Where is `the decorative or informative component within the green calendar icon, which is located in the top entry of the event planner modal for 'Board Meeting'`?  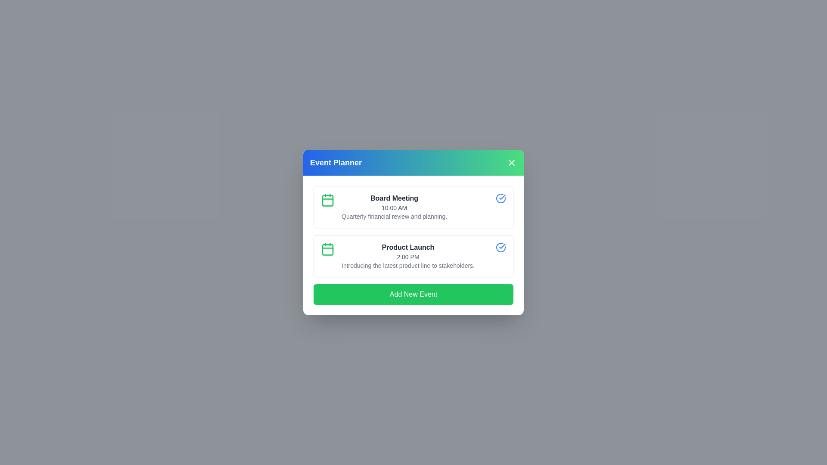 the decorative or informative component within the green calendar icon, which is located in the top entry of the event planner modal for 'Board Meeting' is located at coordinates (327, 201).